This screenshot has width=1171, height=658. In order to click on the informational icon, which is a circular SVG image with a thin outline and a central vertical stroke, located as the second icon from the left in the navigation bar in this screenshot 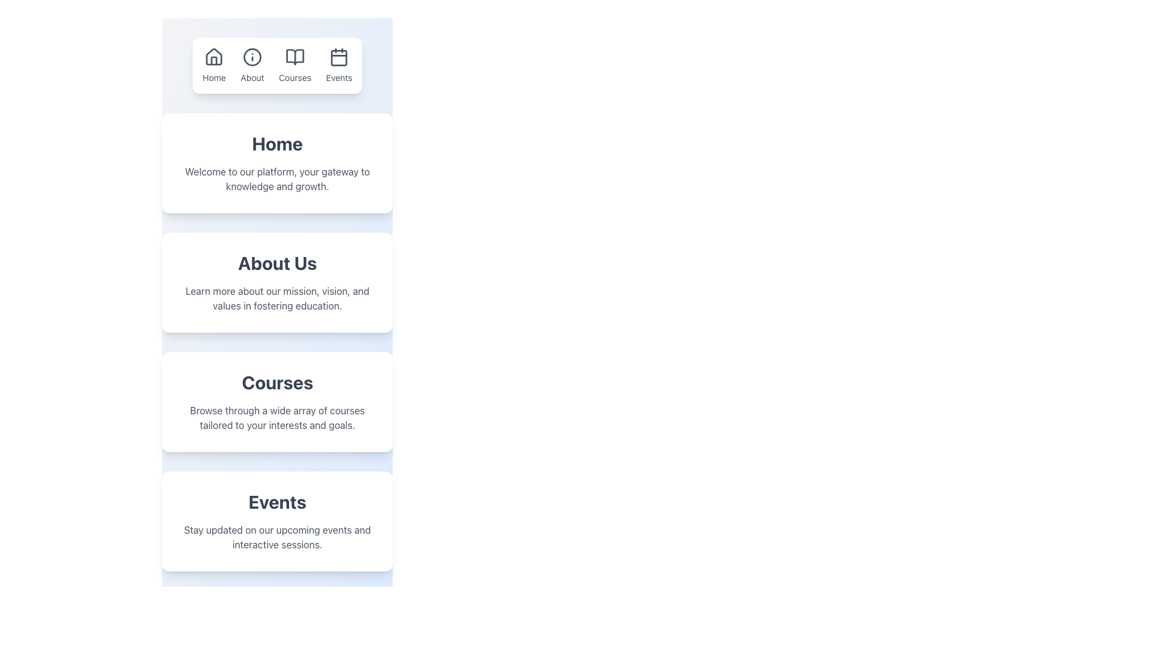, I will do `click(251, 57)`.